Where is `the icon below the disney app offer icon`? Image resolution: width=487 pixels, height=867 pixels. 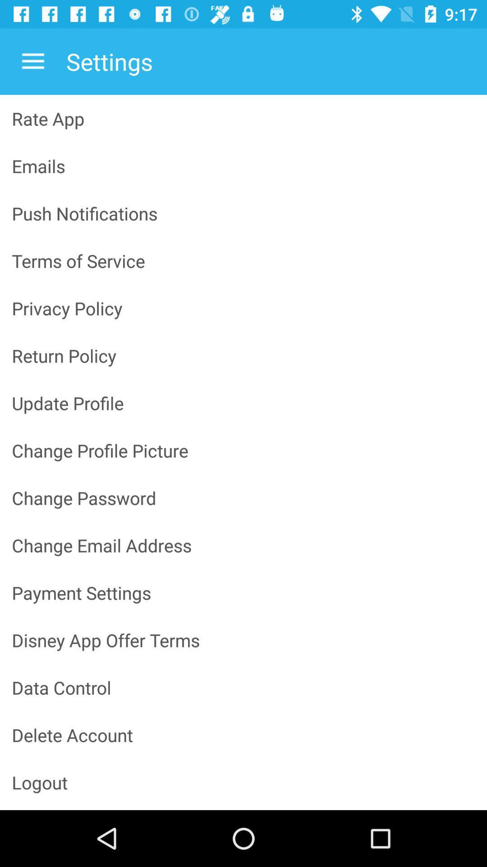 the icon below the disney app offer icon is located at coordinates (243, 687).